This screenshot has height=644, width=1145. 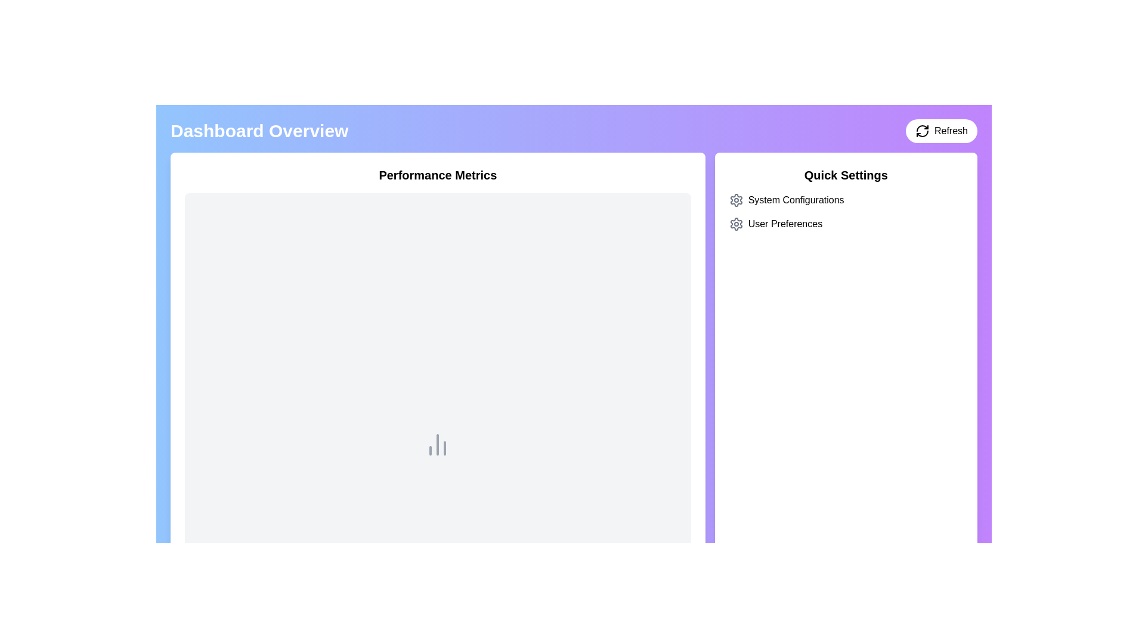 I want to click on text from the 'Quick Settings' header located at the top of the right-aligned panel above 'System Configurations' and 'User Preferences', so click(x=845, y=175).